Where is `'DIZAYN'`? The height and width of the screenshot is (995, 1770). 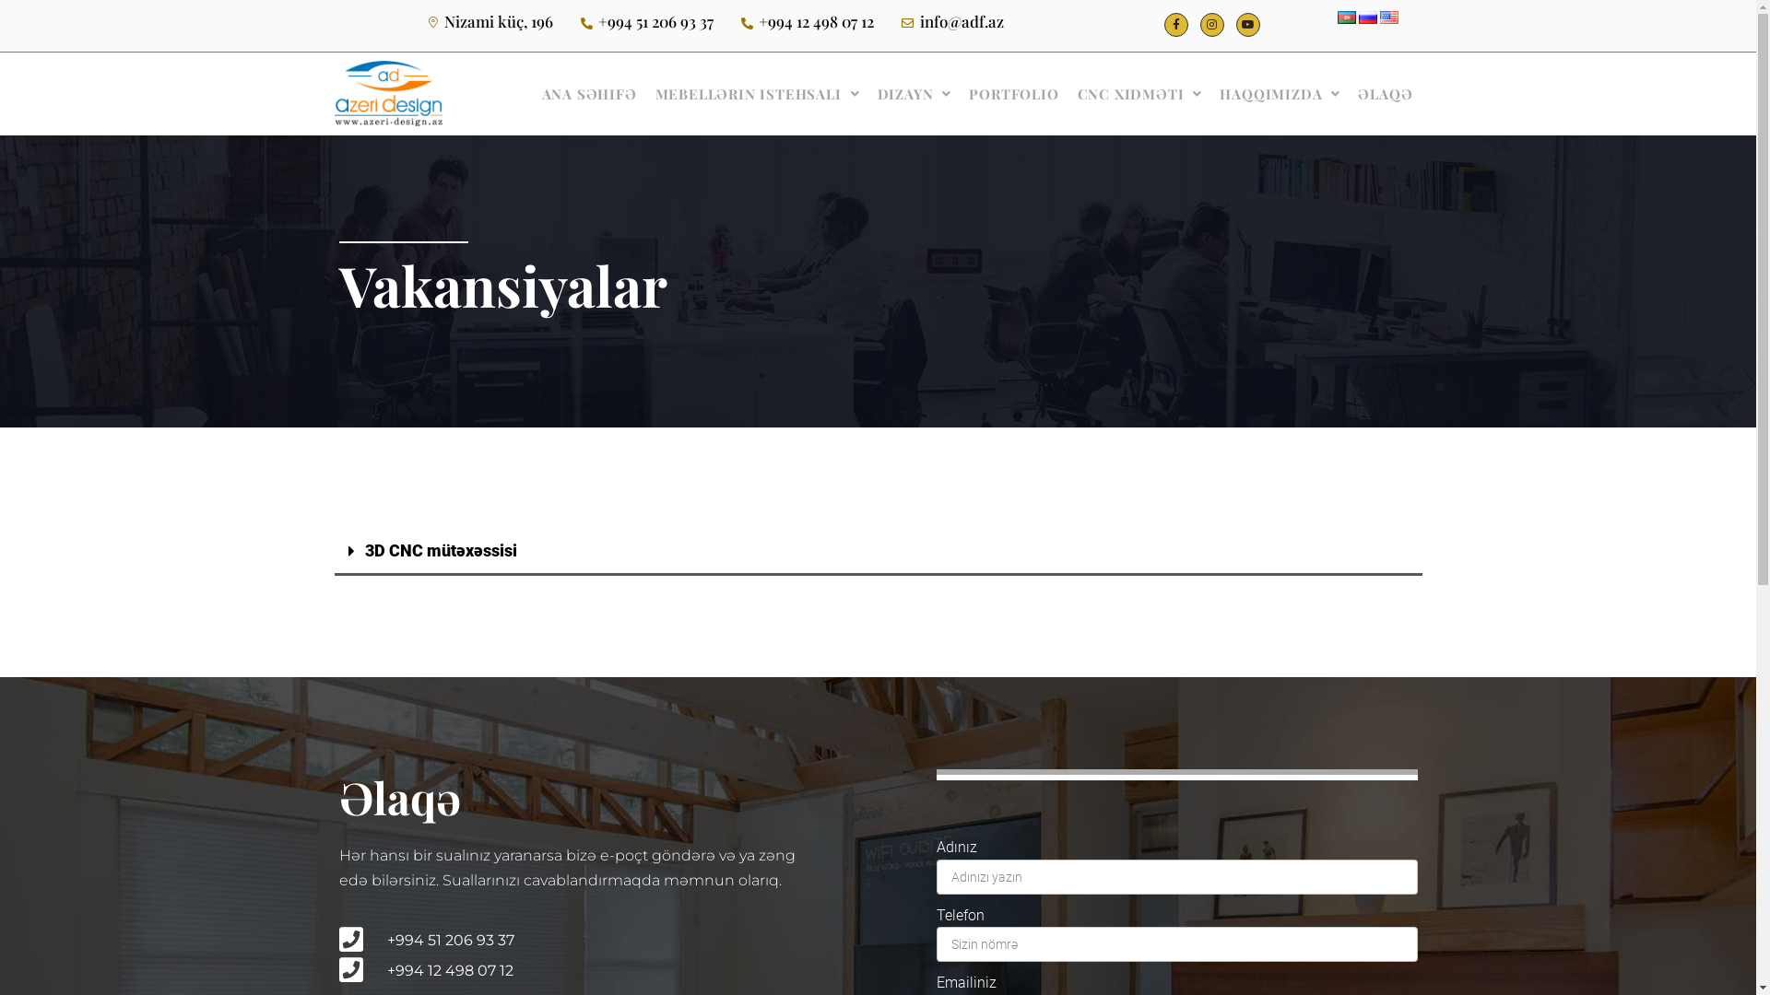
'DIZAYN' is located at coordinates (914, 93).